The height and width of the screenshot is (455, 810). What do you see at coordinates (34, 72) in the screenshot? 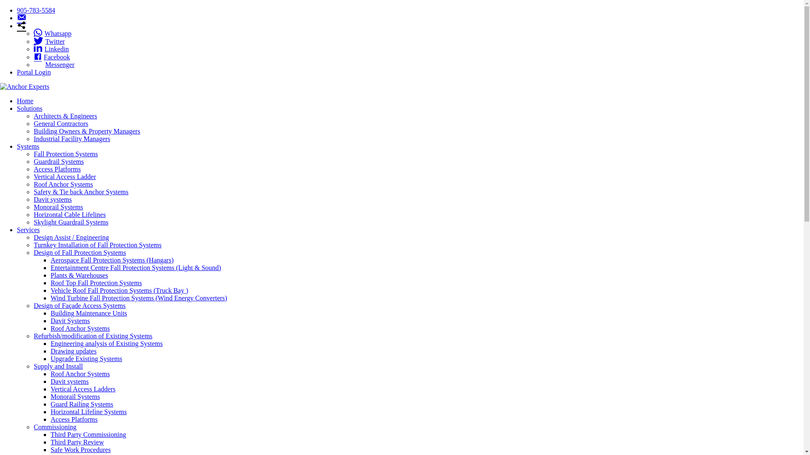
I see `'Portal Login'` at bounding box center [34, 72].